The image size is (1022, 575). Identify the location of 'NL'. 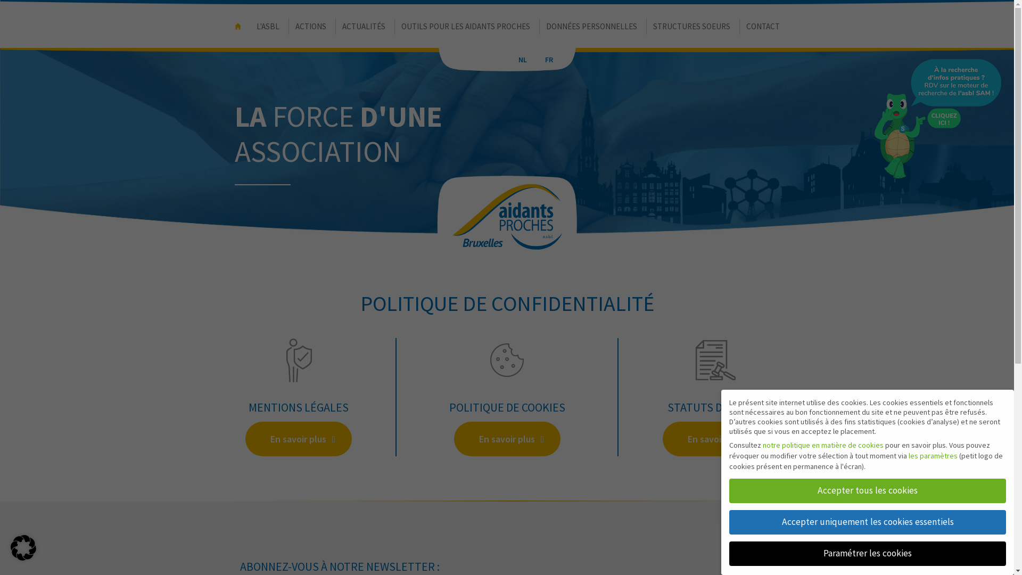
(522, 60).